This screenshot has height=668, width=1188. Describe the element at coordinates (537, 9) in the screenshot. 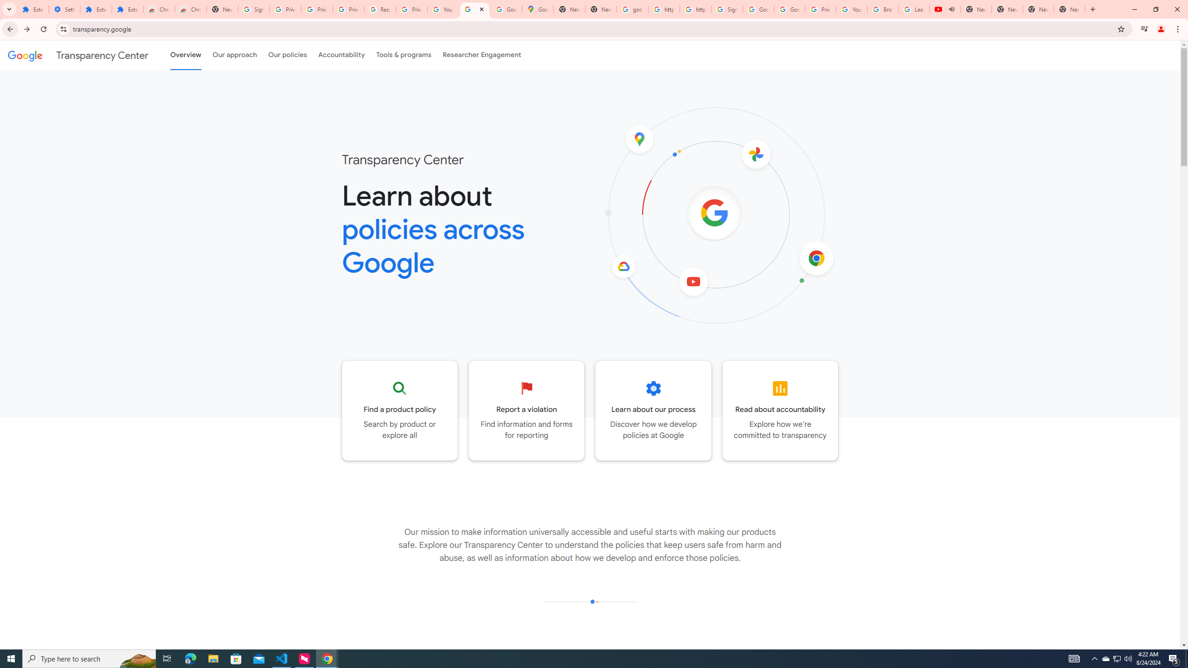

I see `'Google Maps'` at that location.